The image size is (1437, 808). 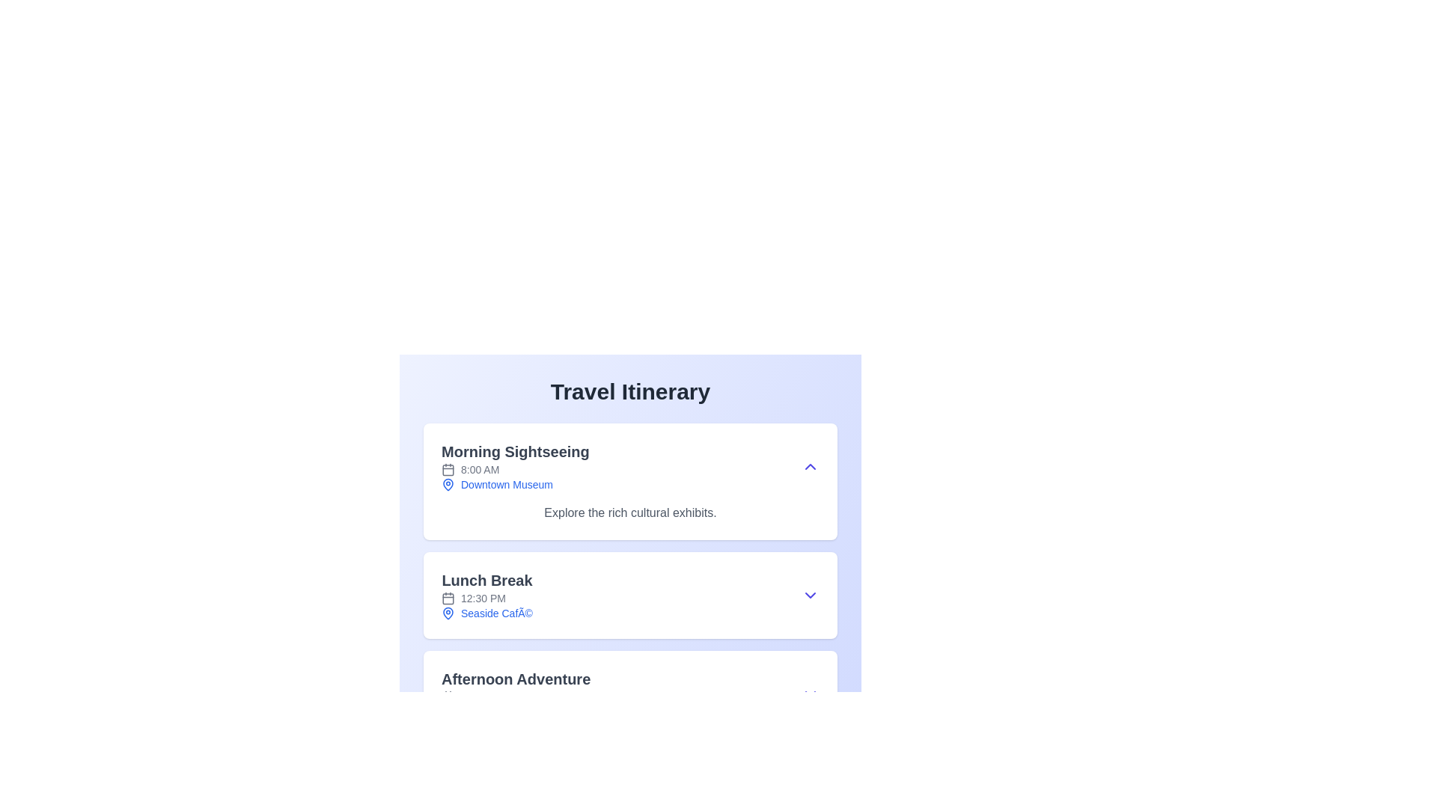 I want to click on the modern-styled calendar icon located to the left of '12:30 PM' in the 'Lunch Break' itinerary block, so click(x=448, y=597).